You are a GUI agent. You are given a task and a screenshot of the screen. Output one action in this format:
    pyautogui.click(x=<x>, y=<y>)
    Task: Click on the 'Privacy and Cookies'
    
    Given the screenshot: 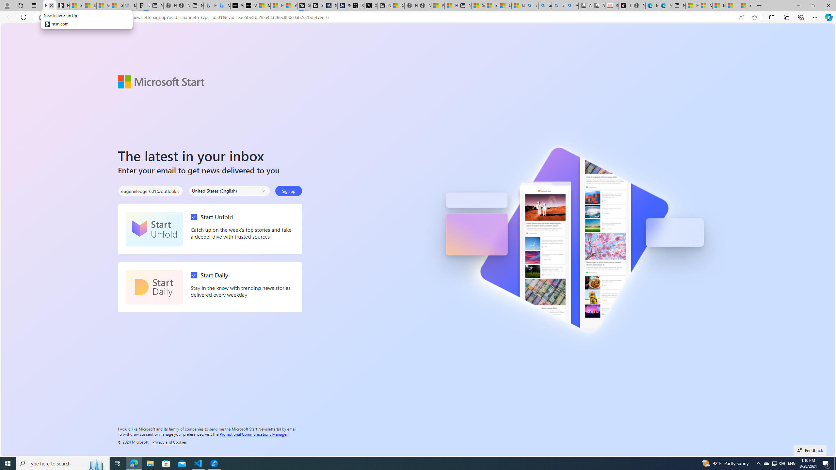 What is the action you would take?
    pyautogui.click(x=169, y=441)
    